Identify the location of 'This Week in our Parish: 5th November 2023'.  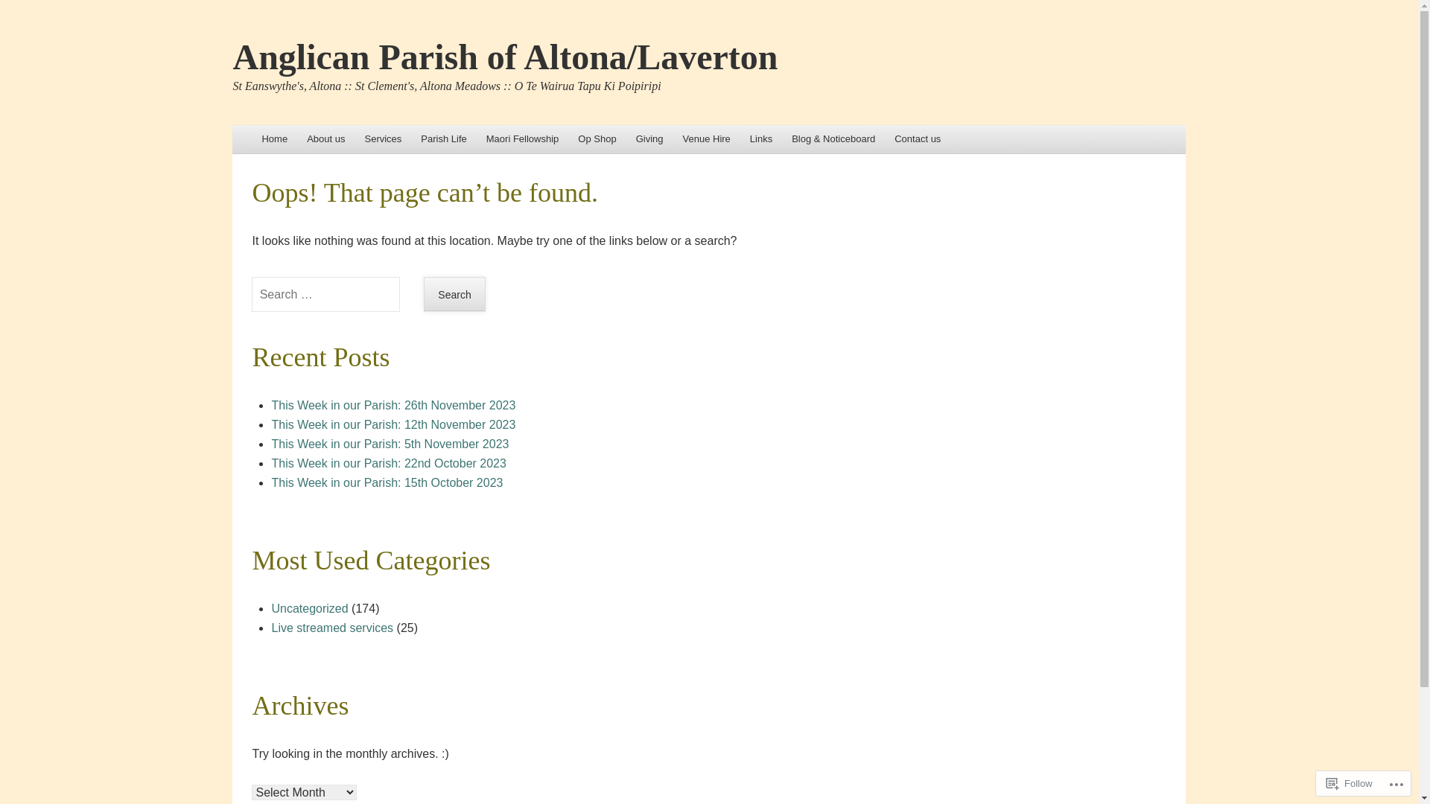
(390, 443).